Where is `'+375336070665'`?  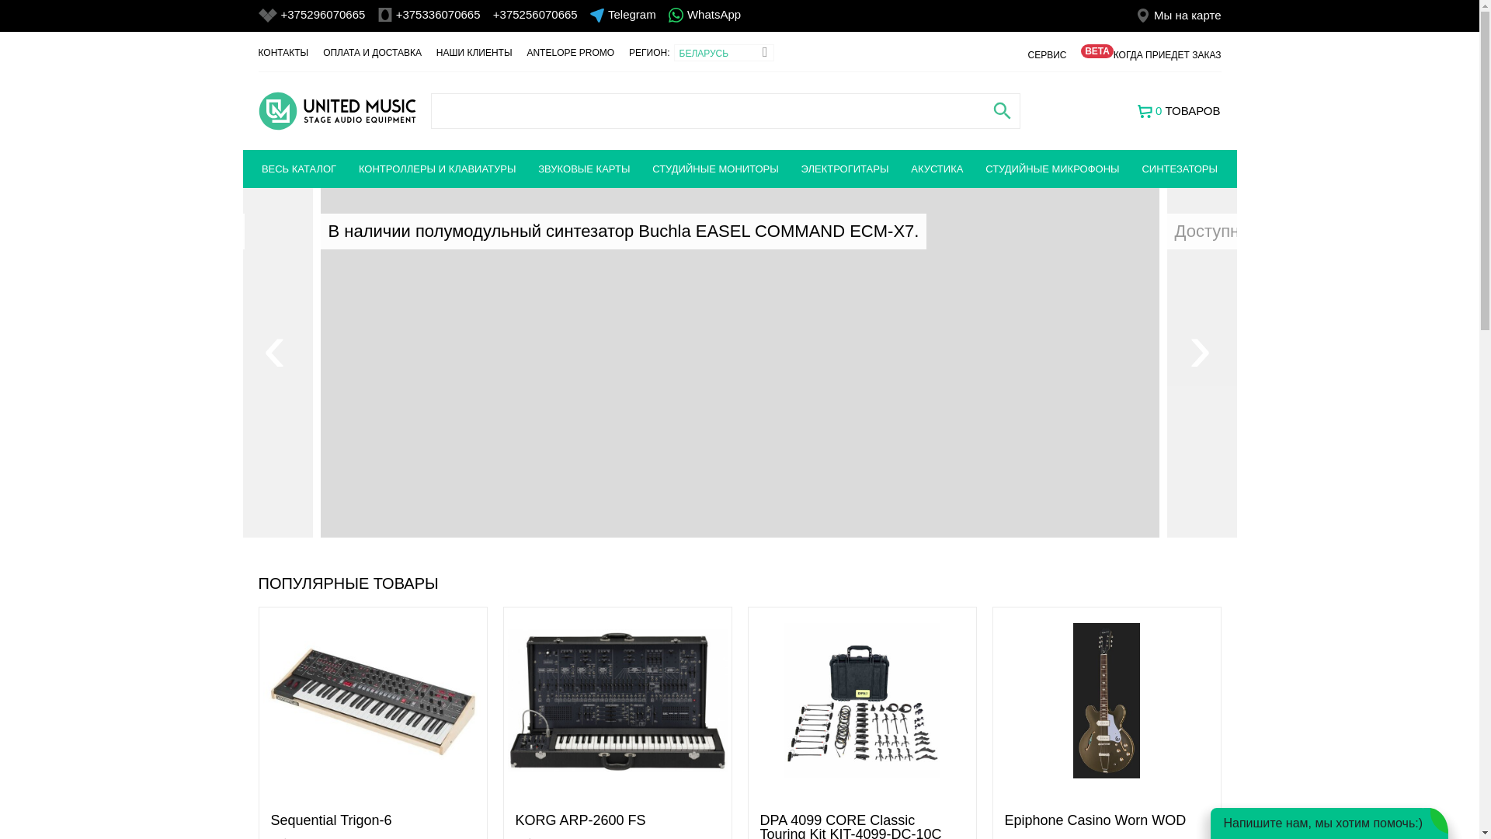 '+375336070665' is located at coordinates (437, 14).